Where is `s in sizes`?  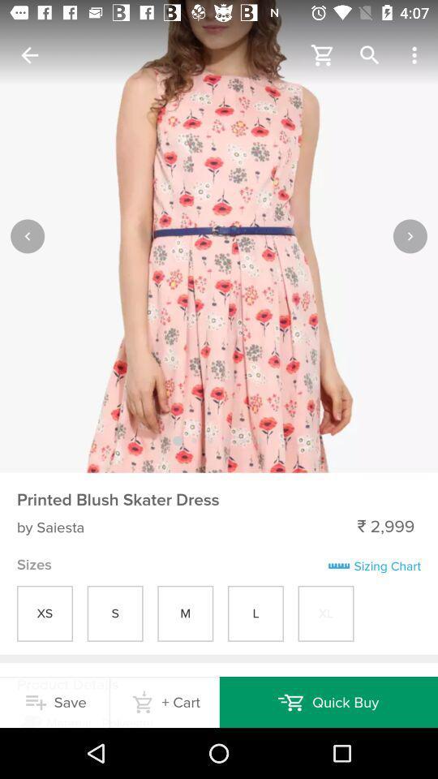
s in sizes is located at coordinates (114, 613).